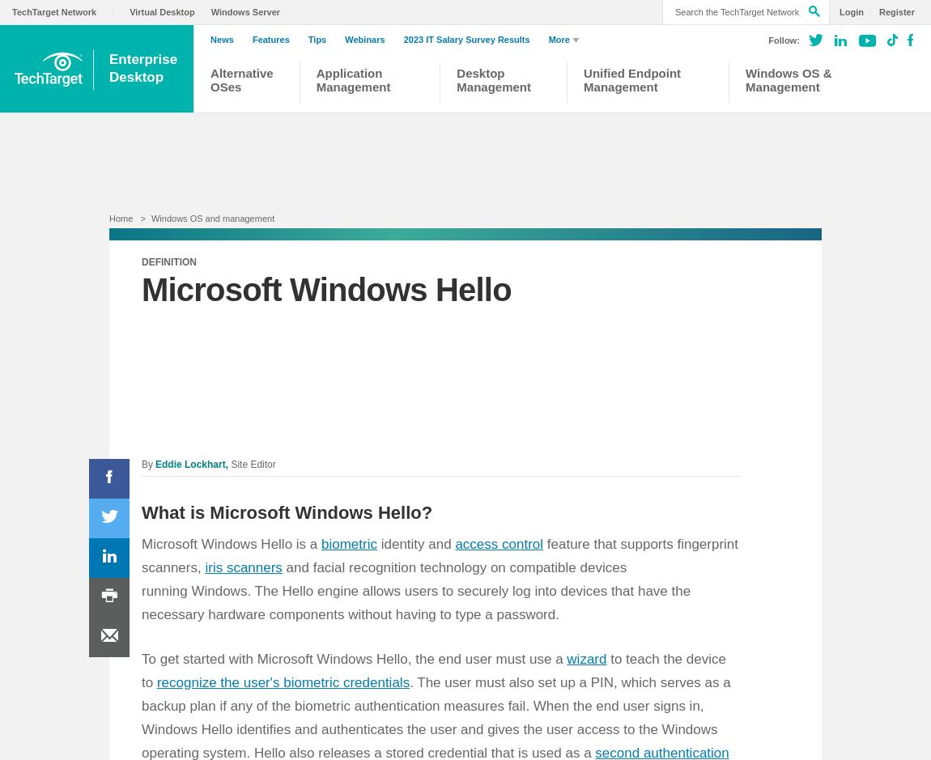 Image resolution: width=931 pixels, height=760 pixels. I want to click on 'More', so click(547, 39).